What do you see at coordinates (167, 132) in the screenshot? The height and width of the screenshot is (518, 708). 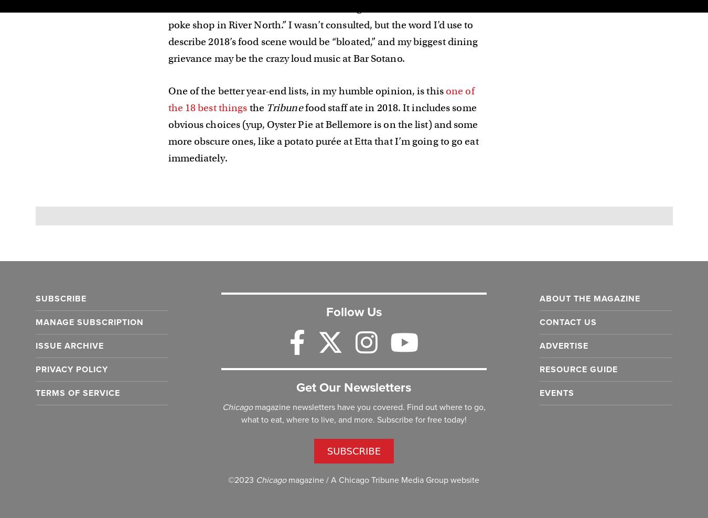 I see `'food staff ate in 2018. It includes some obvious choices (yup, Oyster Pie at Bellemore is on the list) and some more obscure ones, like a potato purée at Etta that I’m going to go eat immediately.'` at bounding box center [167, 132].